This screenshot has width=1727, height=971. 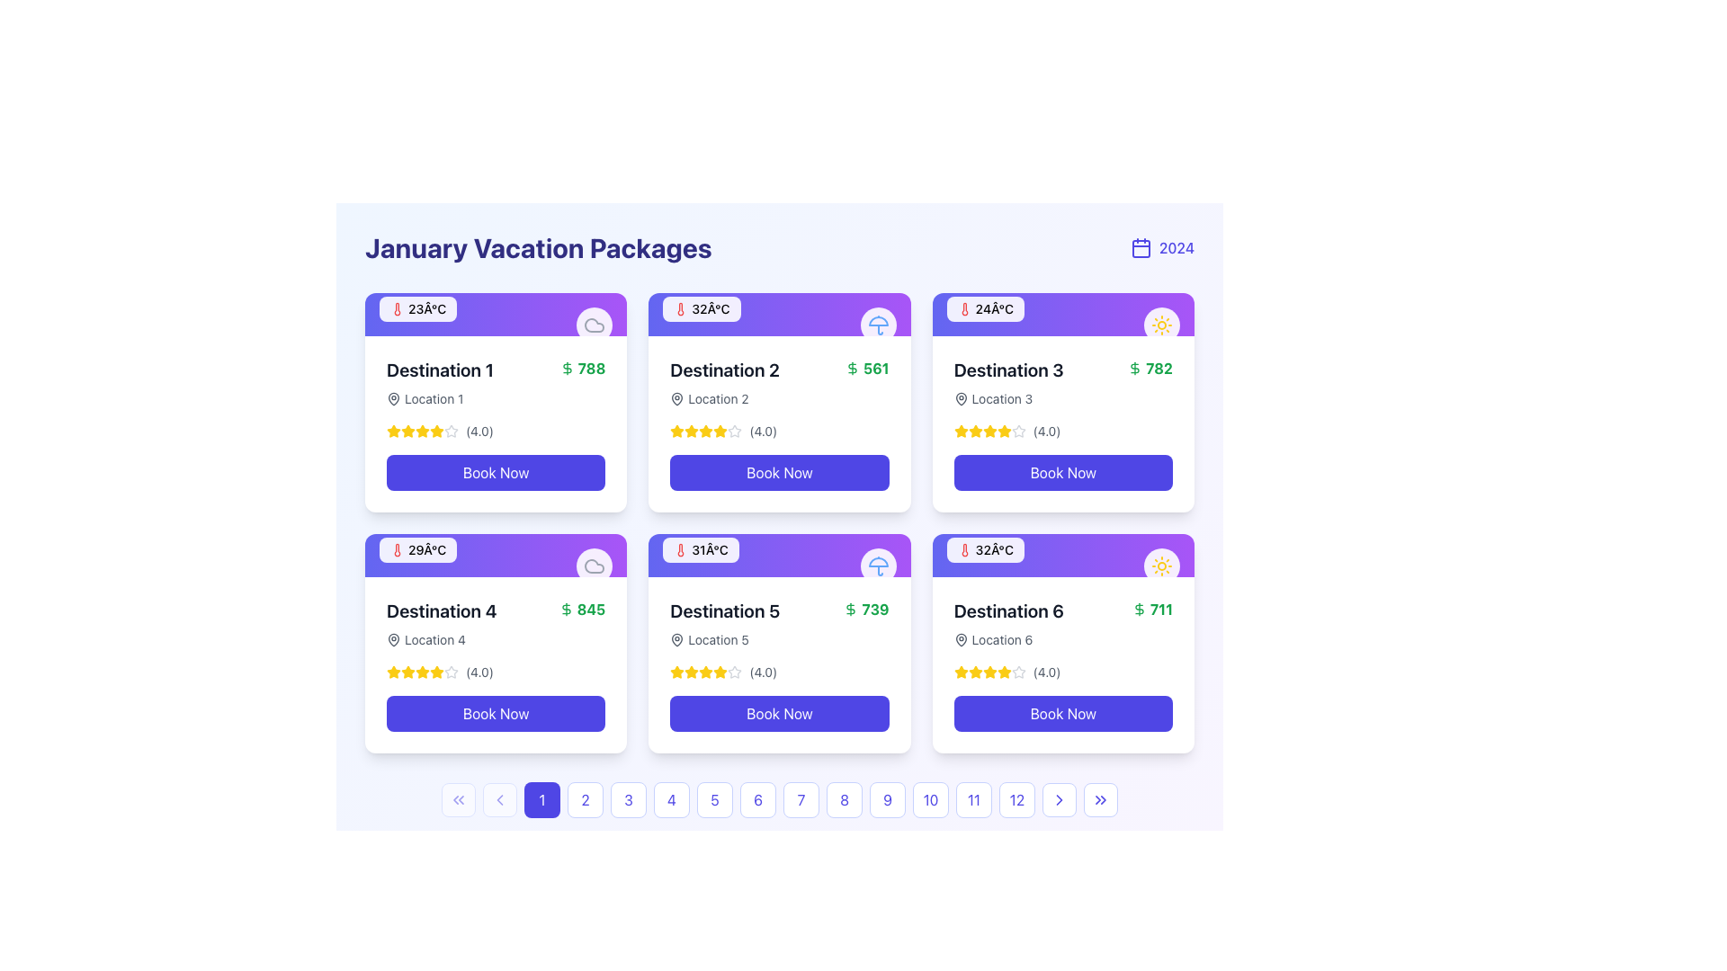 What do you see at coordinates (422, 673) in the screenshot?
I see `the fifth yellow star icon in the rating display for 'Destination 4', indicating a filled state in the review system` at bounding box center [422, 673].